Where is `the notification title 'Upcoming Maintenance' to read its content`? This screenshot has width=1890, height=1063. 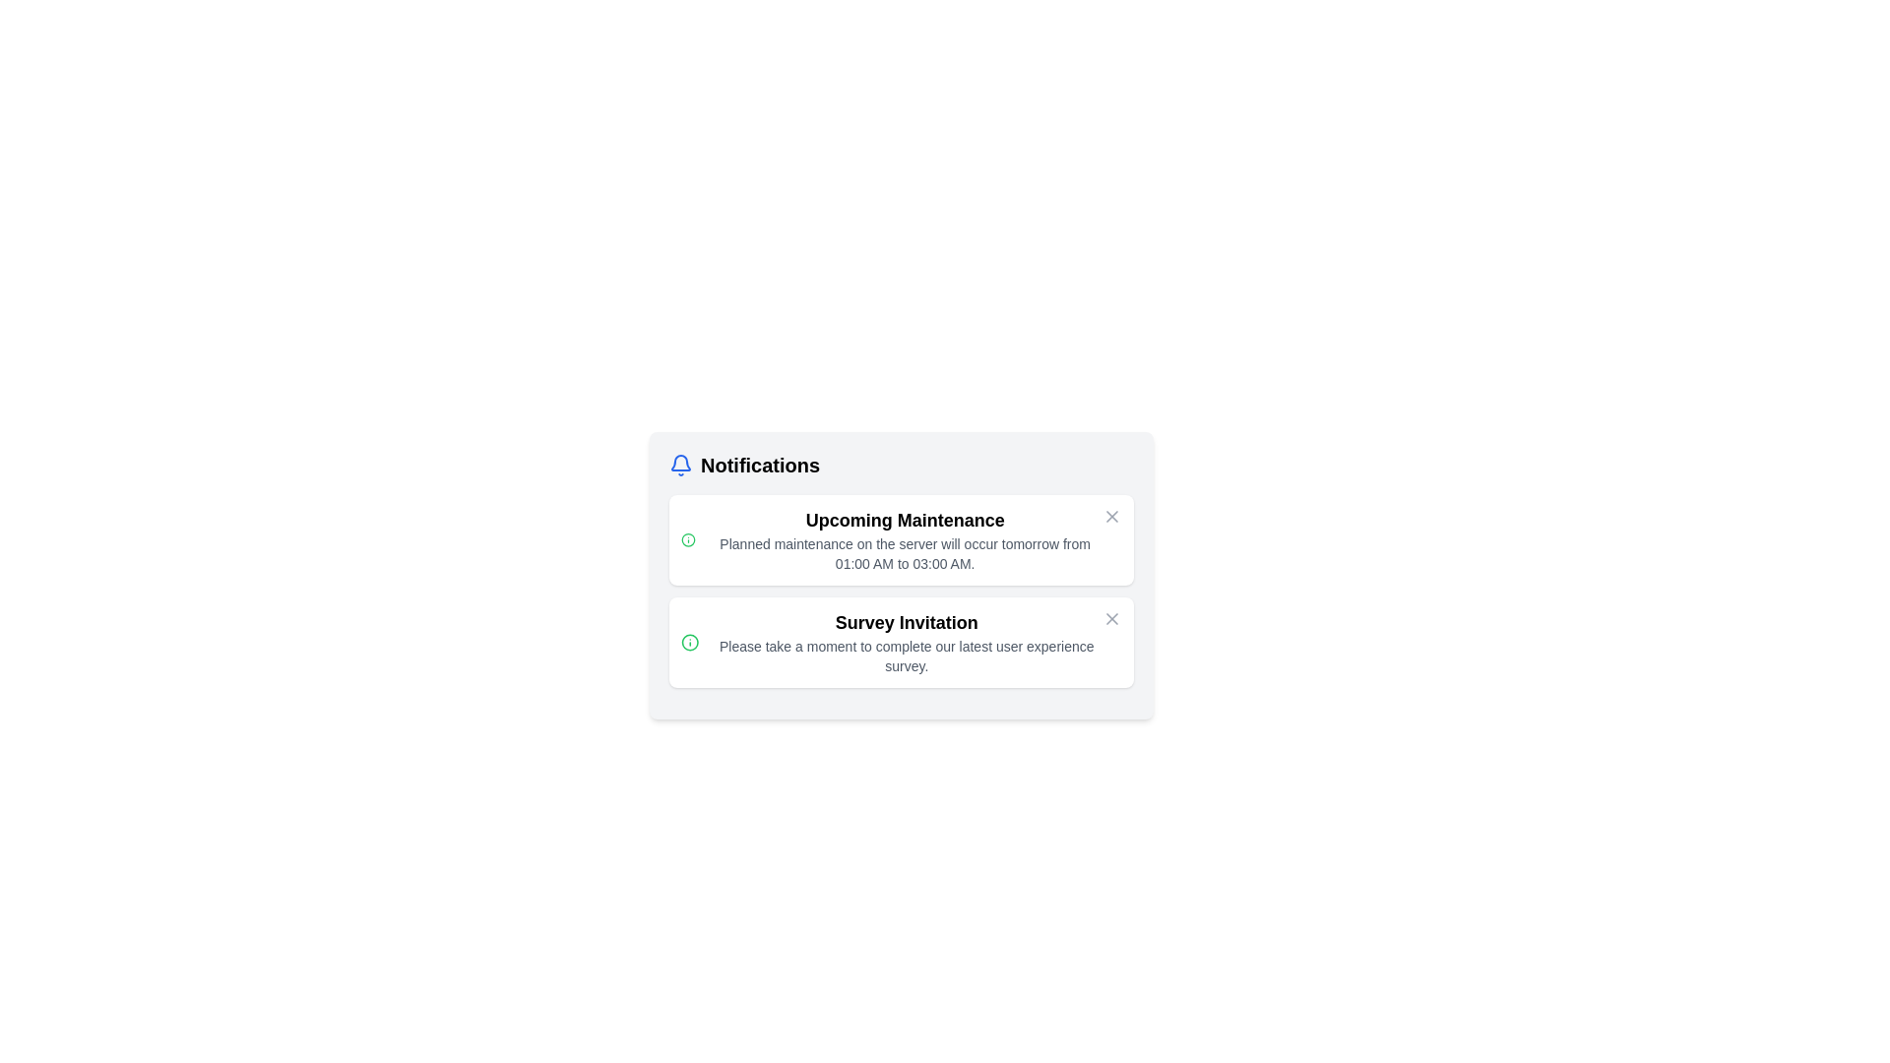 the notification title 'Upcoming Maintenance' to read its content is located at coordinates (759, 519).